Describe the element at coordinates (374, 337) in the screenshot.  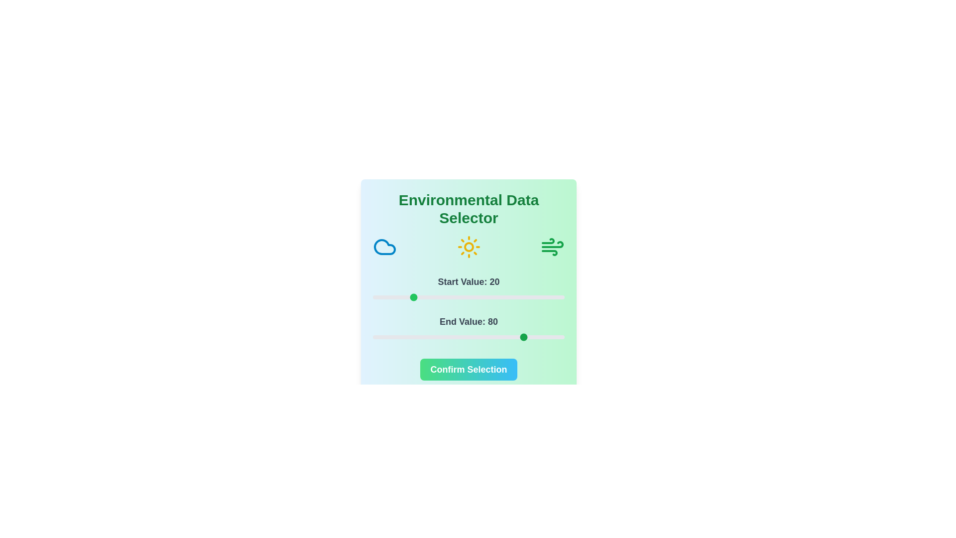
I see `the slider` at that location.